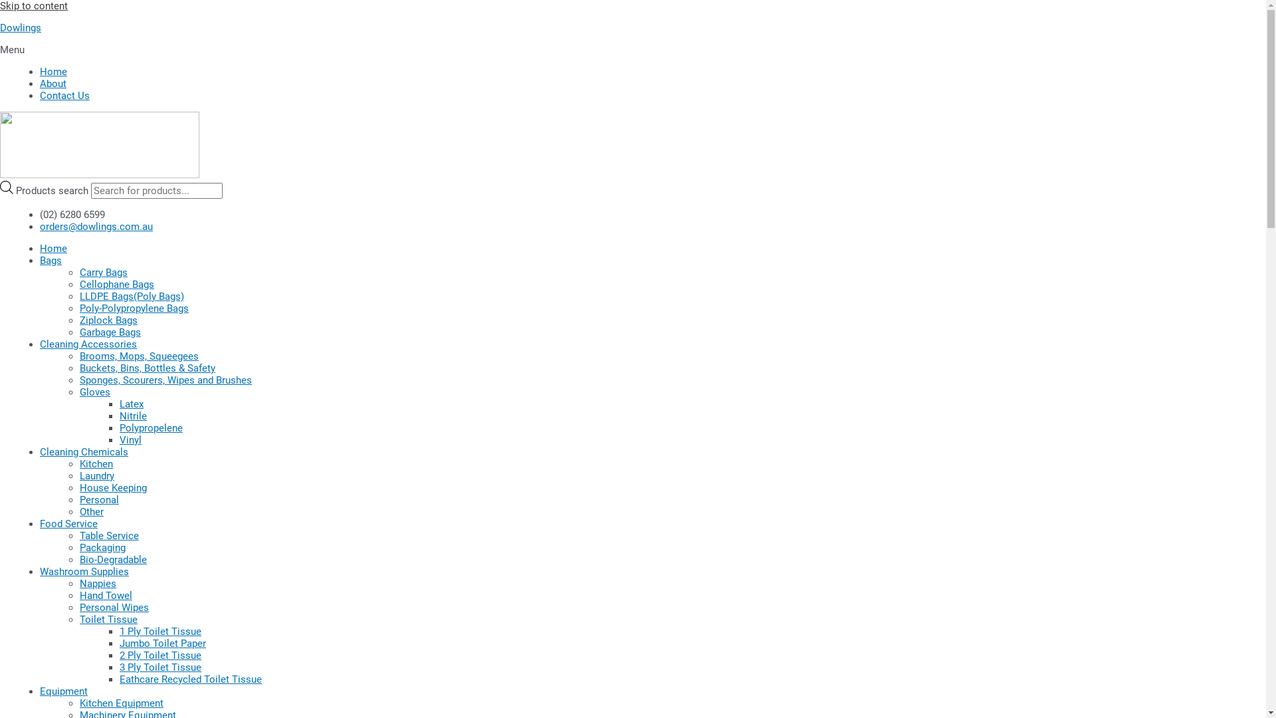 The width and height of the screenshot is (1276, 718). I want to click on 'Carry Bags', so click(103, 271).